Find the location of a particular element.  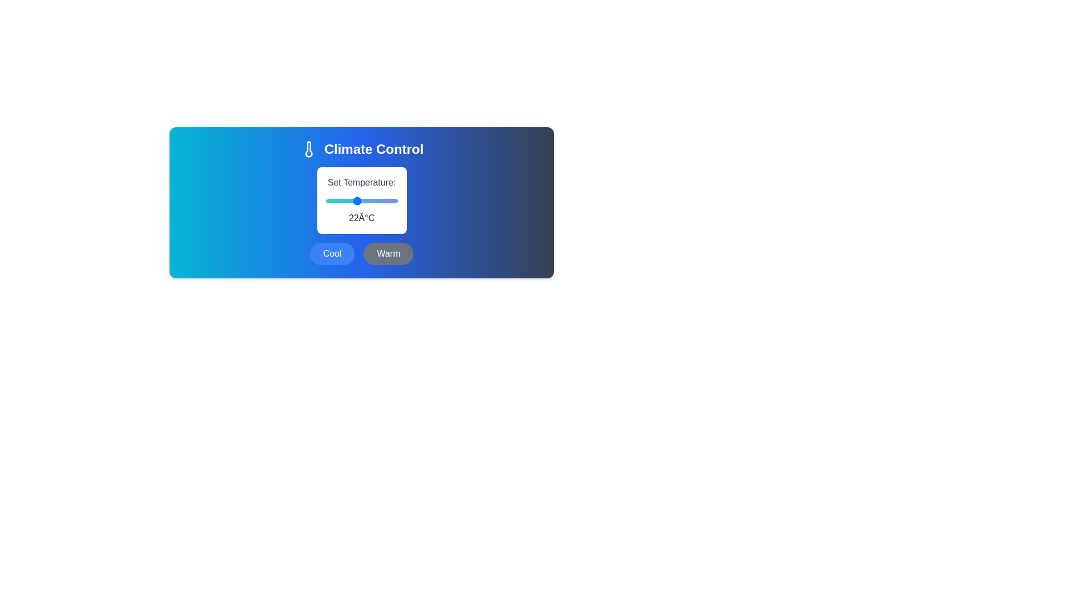

the desired temperature is located at coordinates (387, 201).